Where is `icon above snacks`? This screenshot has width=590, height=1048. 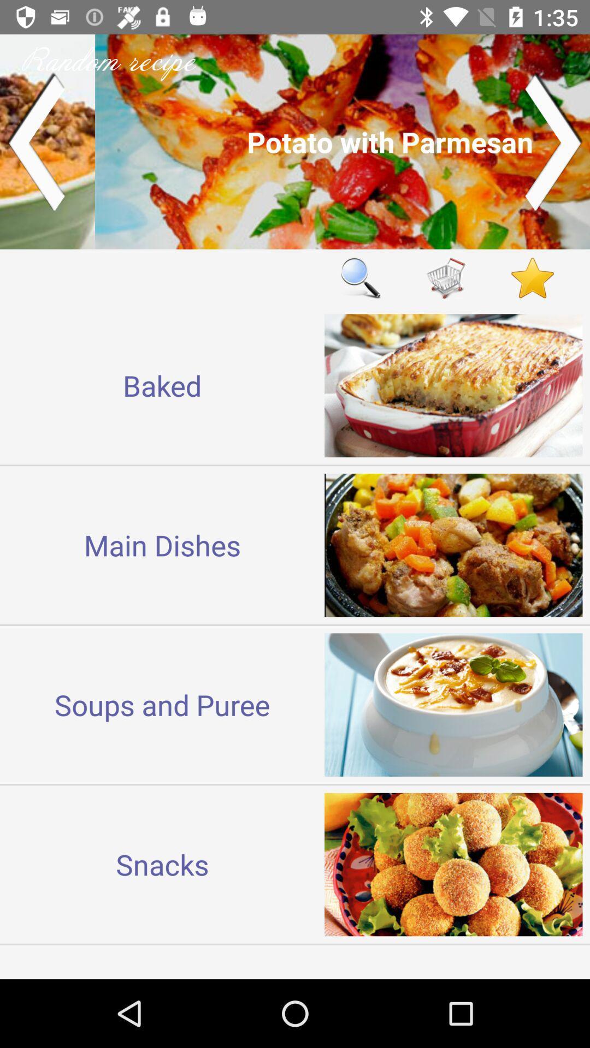 icon above snacks is located at coordinates (162, 705).